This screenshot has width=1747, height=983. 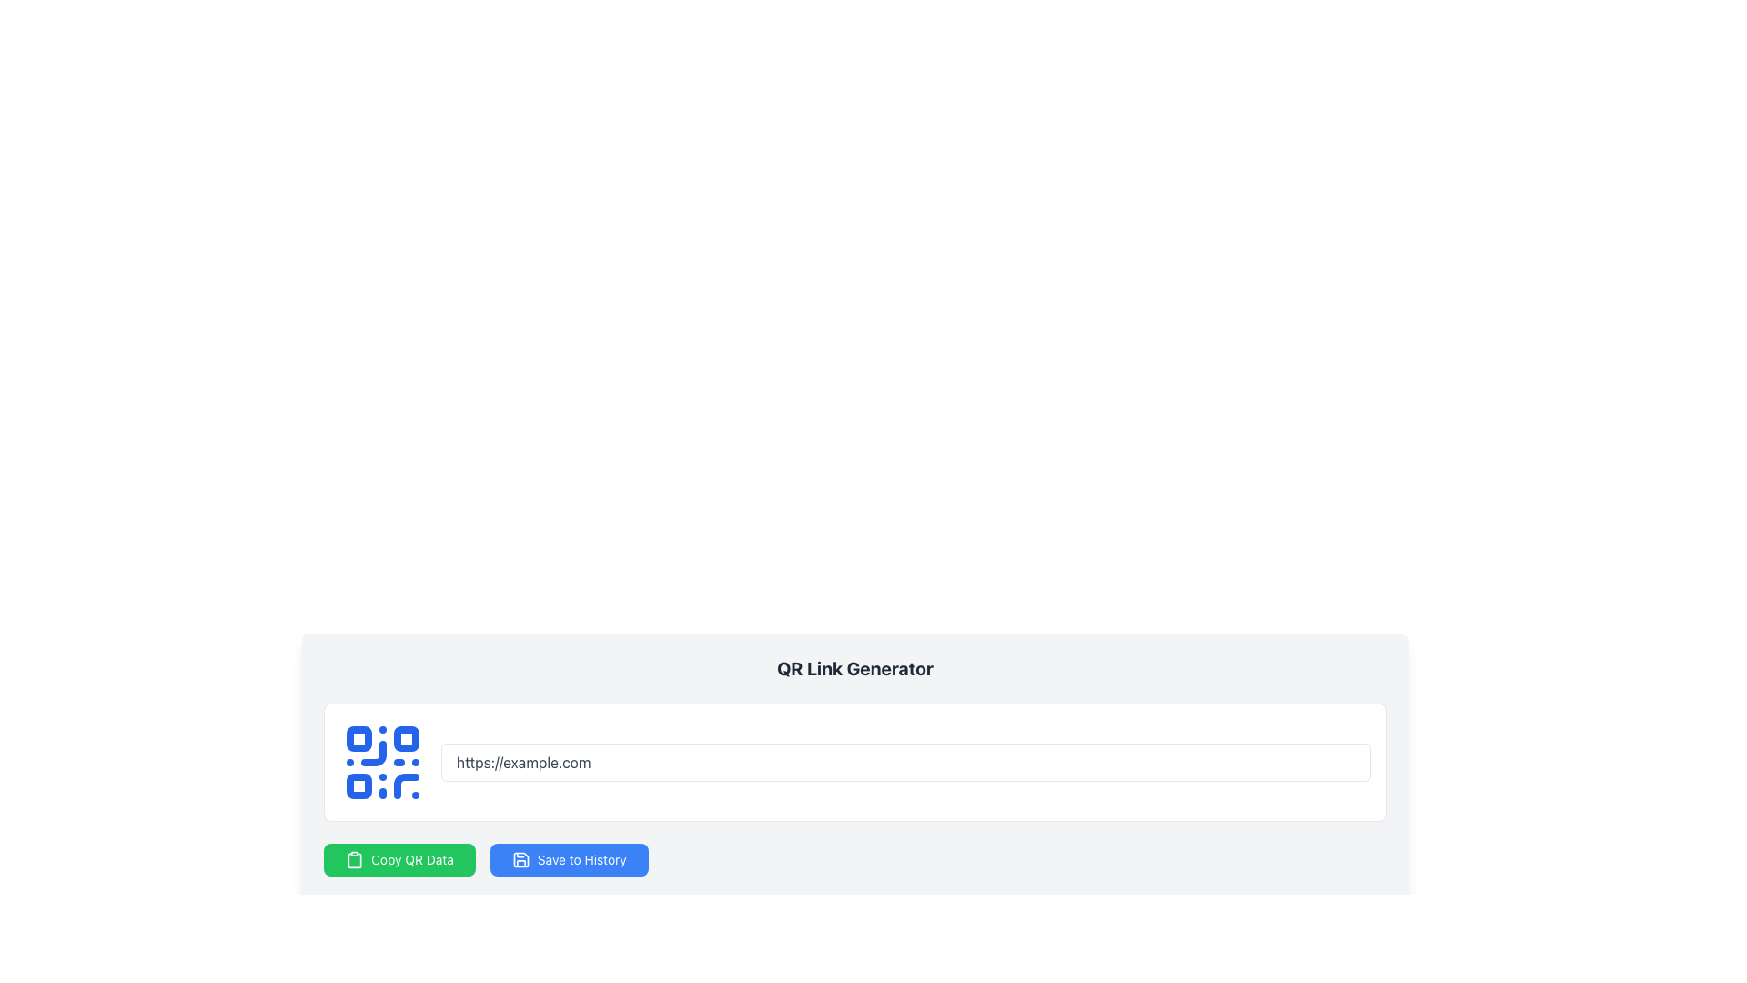 What do you see at coordinates (358, 785) in the screenshot?
I see `the small blue square with rounded corners located in the lower-left corner of the QR code graphic, which is the third square among similar elements` at bounding box center [358, 785].